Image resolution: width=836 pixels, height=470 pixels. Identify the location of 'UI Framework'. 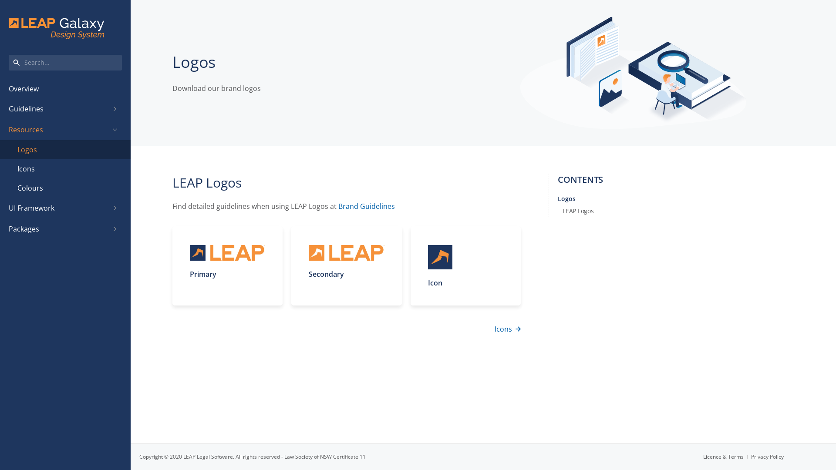
(58, 208).